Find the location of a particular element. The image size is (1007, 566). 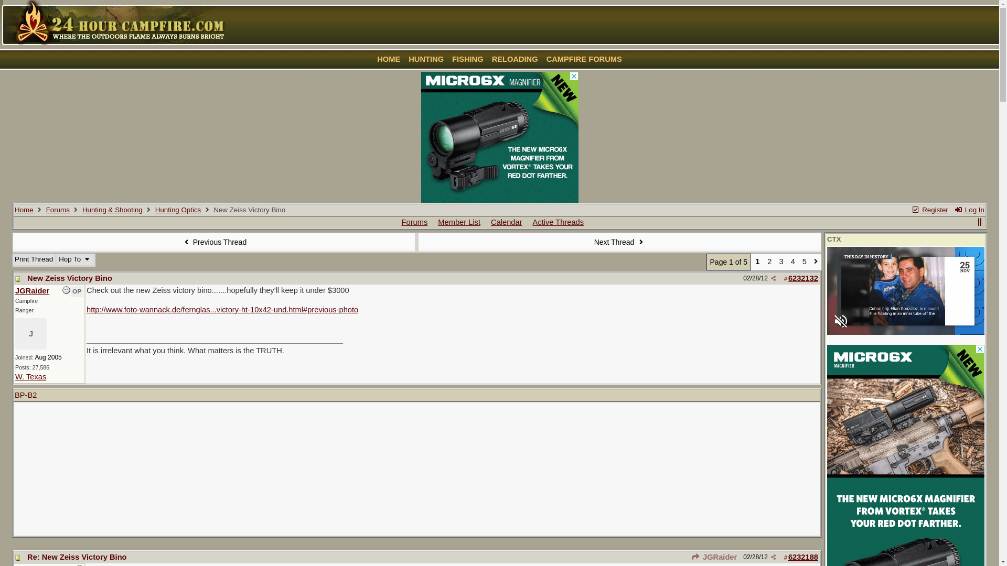

'JGRaider' is located at coordinates (690, 557).